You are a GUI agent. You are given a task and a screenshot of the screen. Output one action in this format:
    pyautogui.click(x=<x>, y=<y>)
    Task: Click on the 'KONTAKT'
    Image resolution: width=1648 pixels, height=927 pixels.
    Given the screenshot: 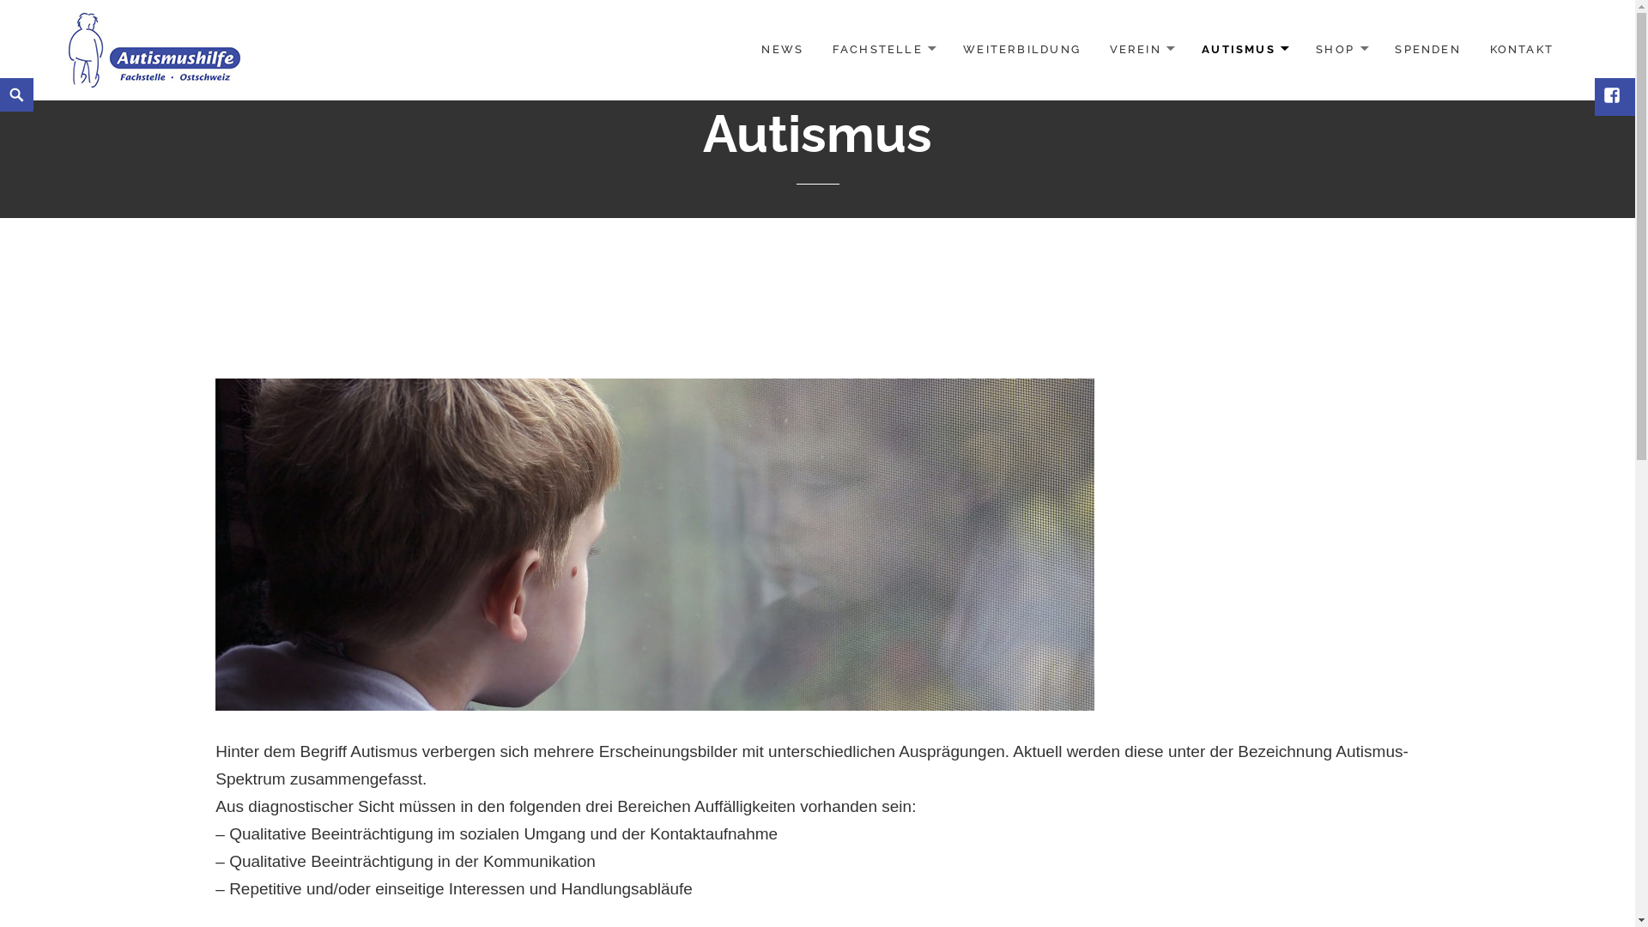 What is the action you would take?
    pyautogui.click(x=1521, y=48)
    